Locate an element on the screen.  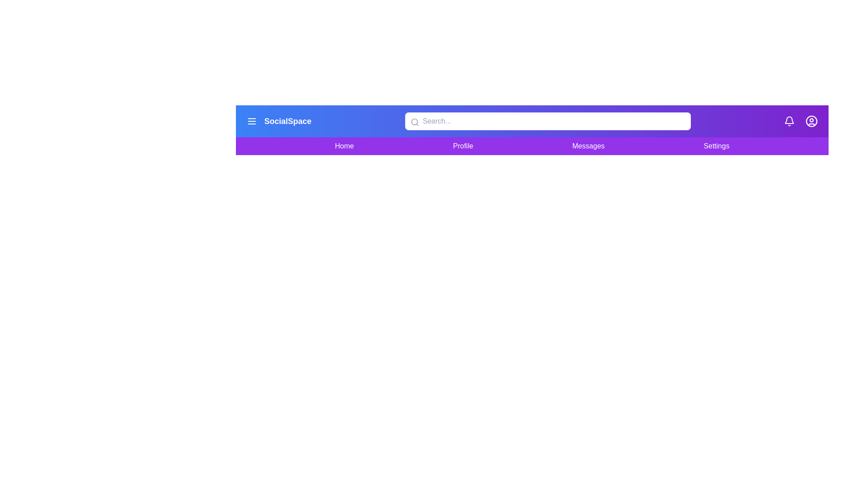
the bell icon to access notifications is located at coordinates (789, 121).